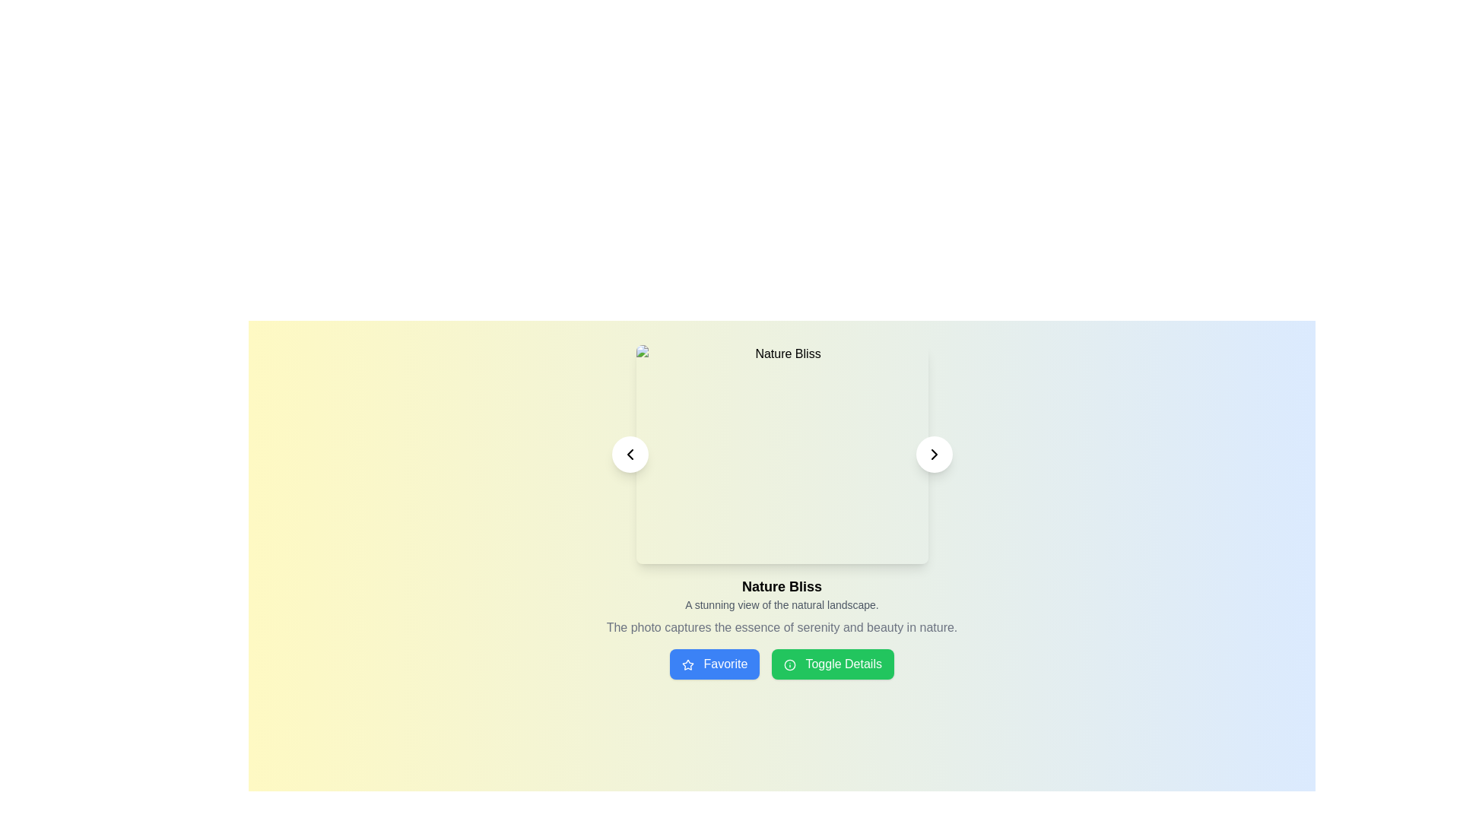 The height and width of the screenshot is (821, 1460). What do you see at coordinates (630, 453) in the screenshot?
I see `the left navigation icon to scroll or paginate content to the left, located in the middle left section of the UI card` at bounding box center [630, 453].